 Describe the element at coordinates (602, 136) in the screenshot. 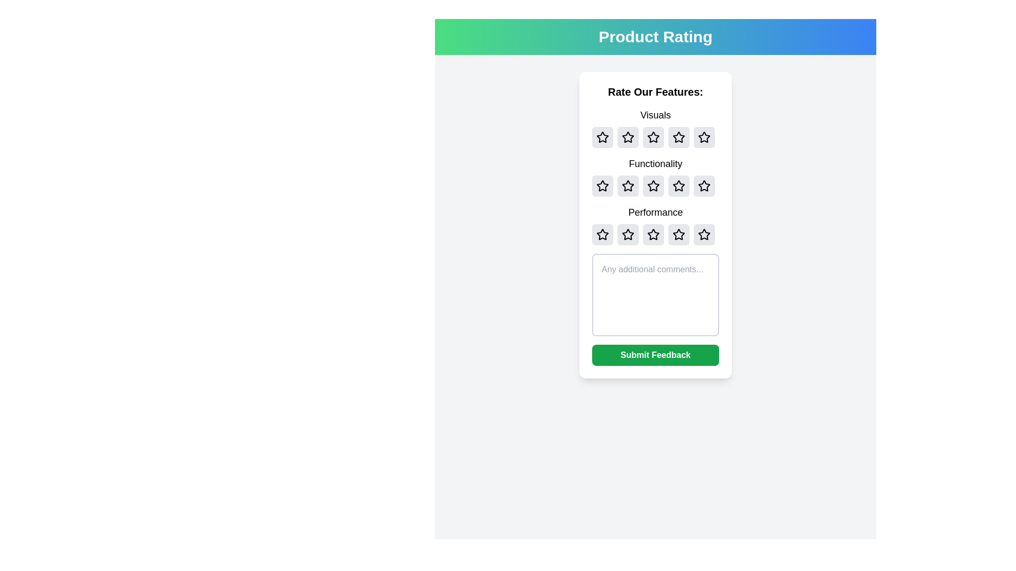

I see `the first star in the 'Visuals' rating section to rate it` at that location.